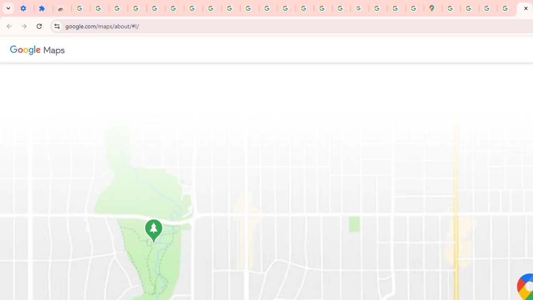 Image resolution: width=533 pixels, height=300 pixels. What do you see at coordinates (25, 8) in the screenshot?
I see `'Settings - On startup'` at bounding box center [25, 8].